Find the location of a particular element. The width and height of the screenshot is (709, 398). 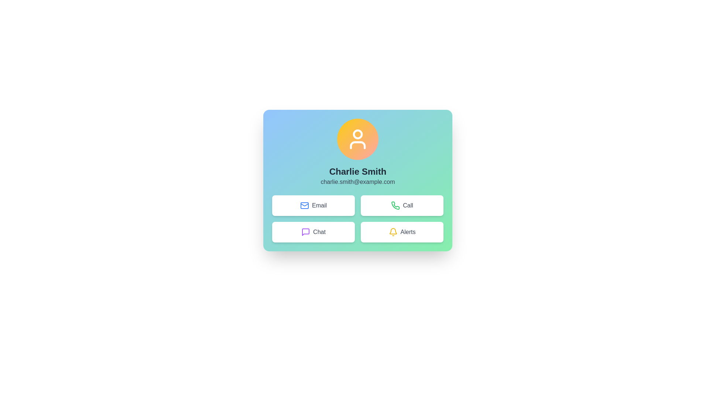

the speech bubble icon representing the chat function, which is located adjacent to the 'Chat' button text in the bottom-left quadrant of the interface is located at coordinates (306, 231).